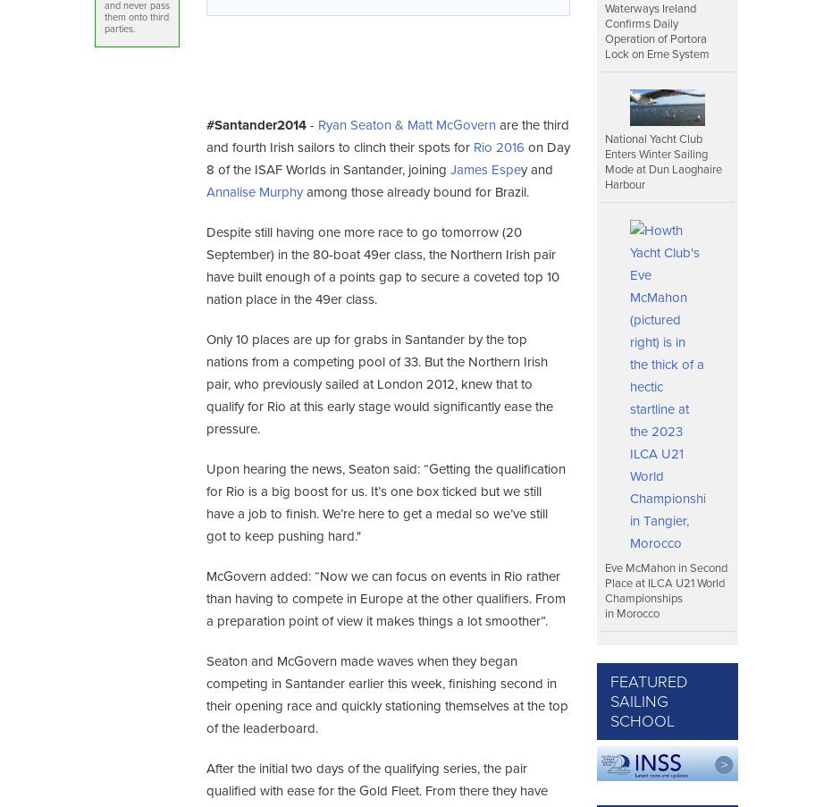  I want to click on 'among those already bound for Brazil.', so click(414, 192).